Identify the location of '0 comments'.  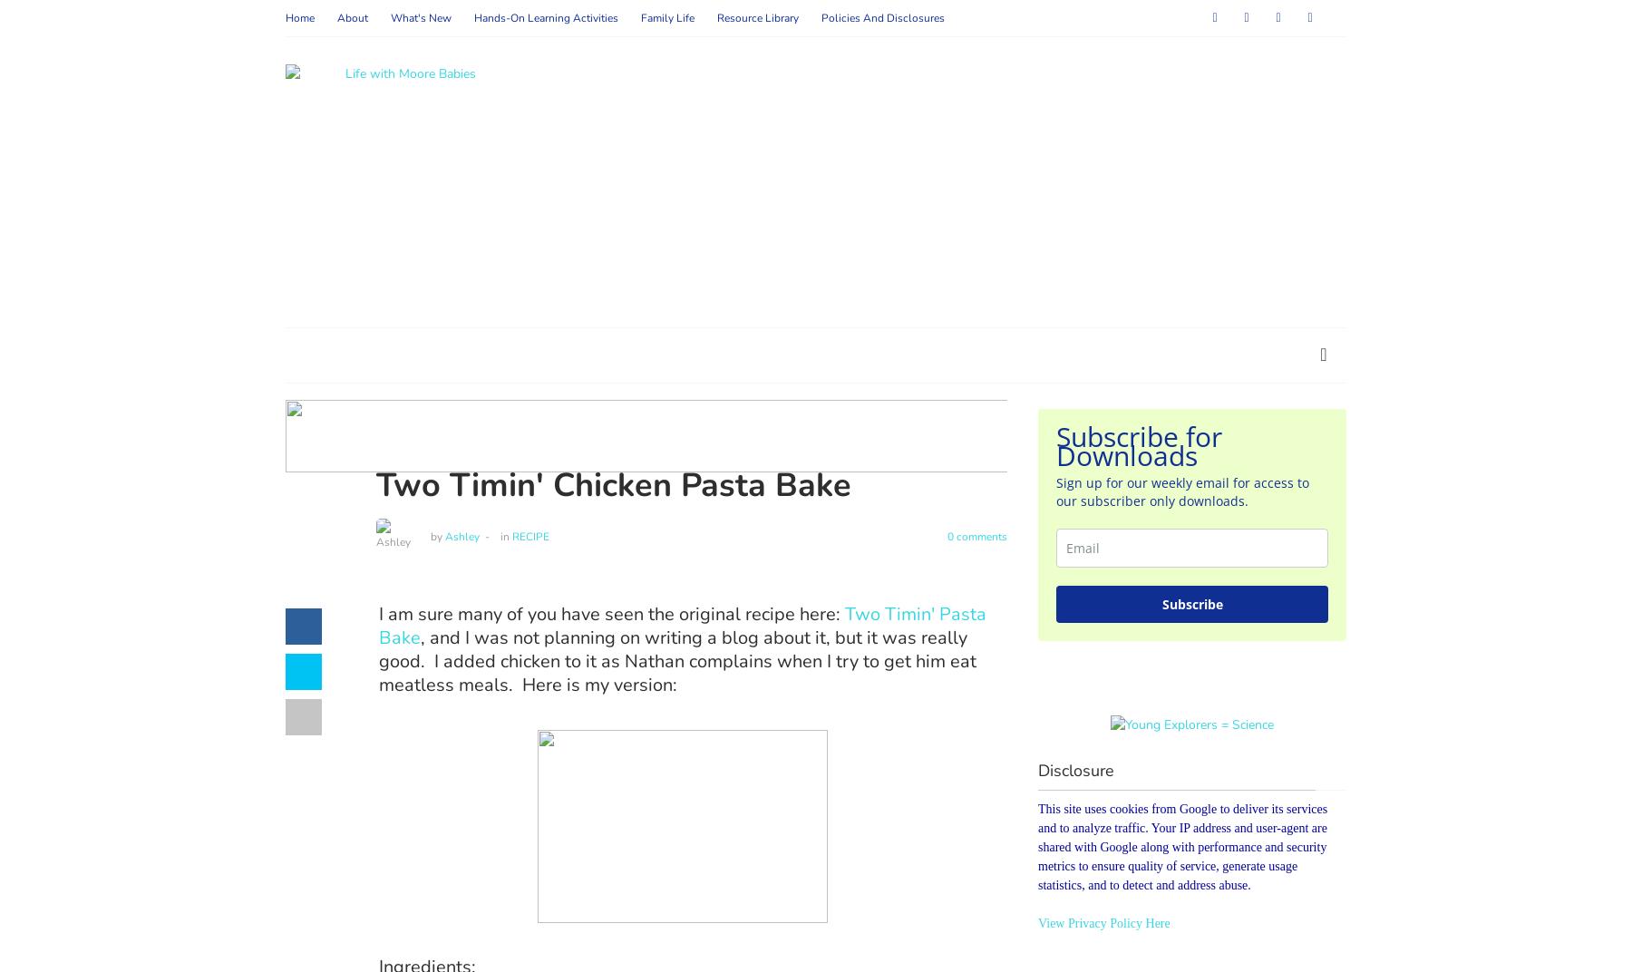
(976, 534).